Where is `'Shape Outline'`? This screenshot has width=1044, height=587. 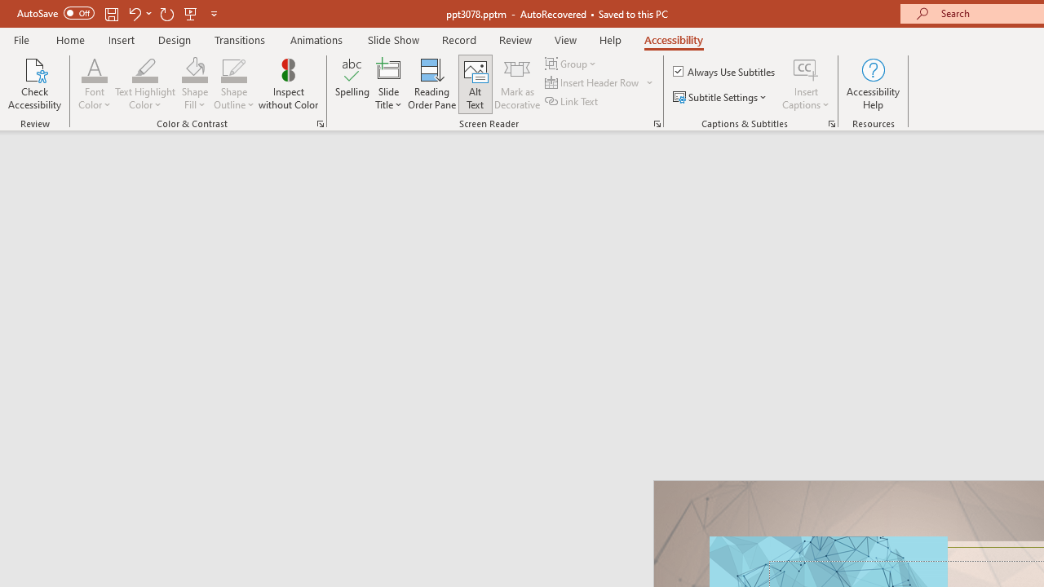
'Shape Outline' is located at coordinates (233, 84).